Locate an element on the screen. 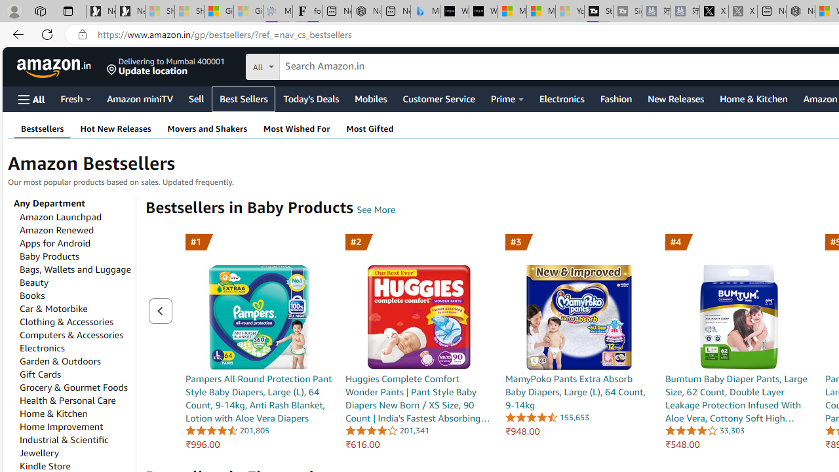 The width and height of the screenshot is (839, 472). 'Microsoft Bing Travel - Shangri-La Hotel Bangkok' is located at coordinates (425, 11).